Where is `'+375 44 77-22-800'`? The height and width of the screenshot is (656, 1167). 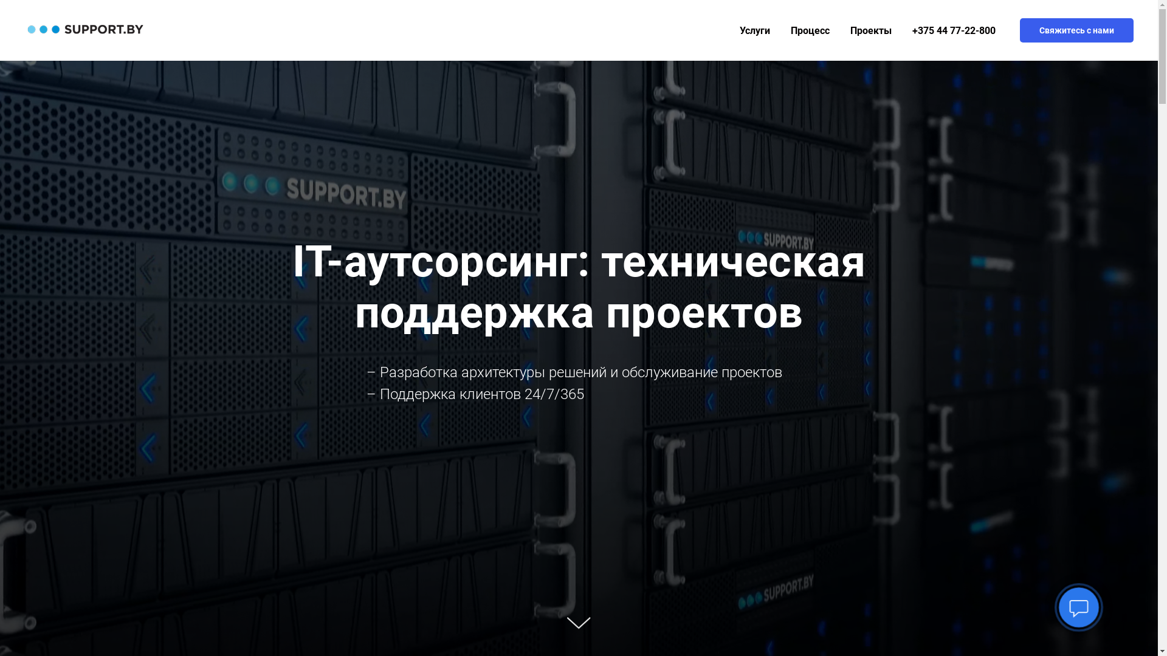
'+375 44 77-22-800' is located at coordinates (912, 29).